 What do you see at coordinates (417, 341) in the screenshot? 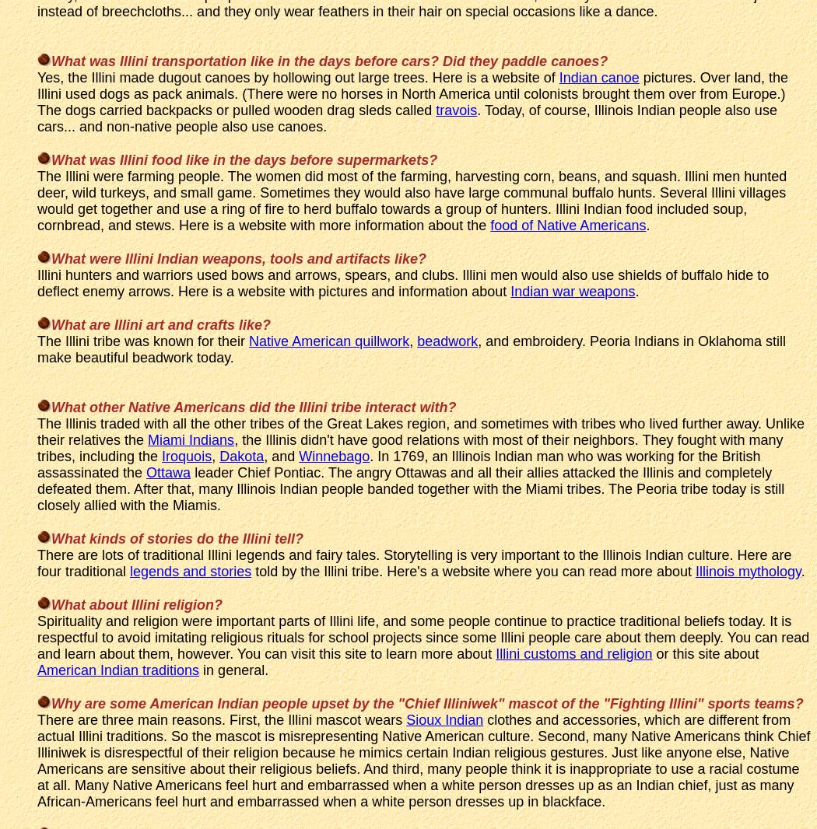
I see `'beadwork'` at bounding box center [417, 341].